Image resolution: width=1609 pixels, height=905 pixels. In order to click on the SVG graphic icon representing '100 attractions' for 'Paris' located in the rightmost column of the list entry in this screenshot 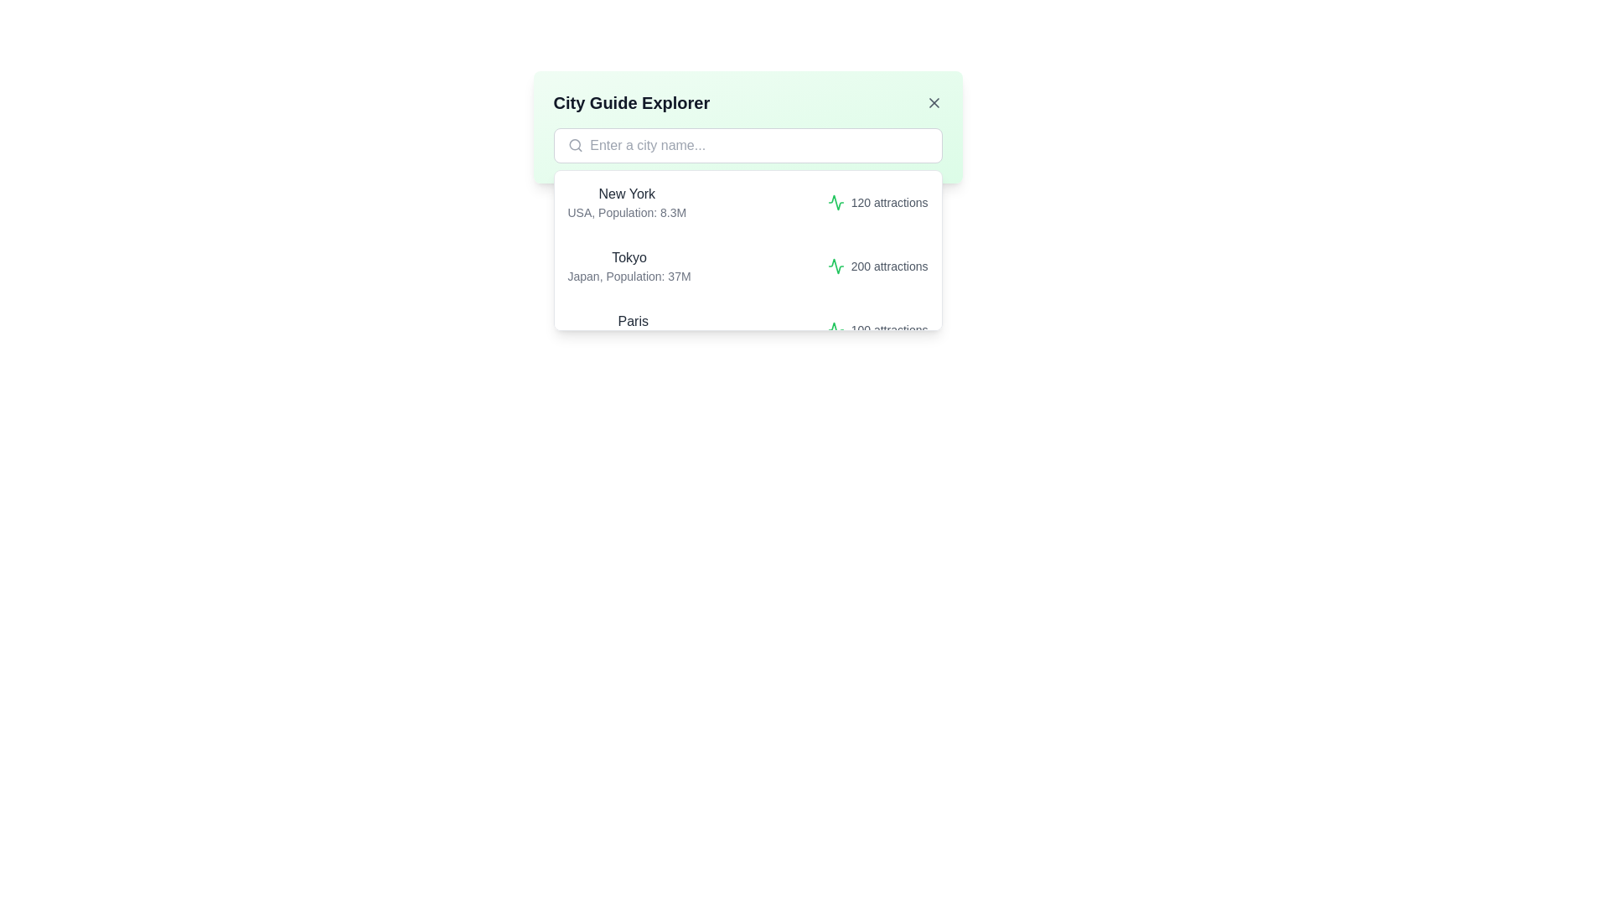, I will do `click(836, 329)`.